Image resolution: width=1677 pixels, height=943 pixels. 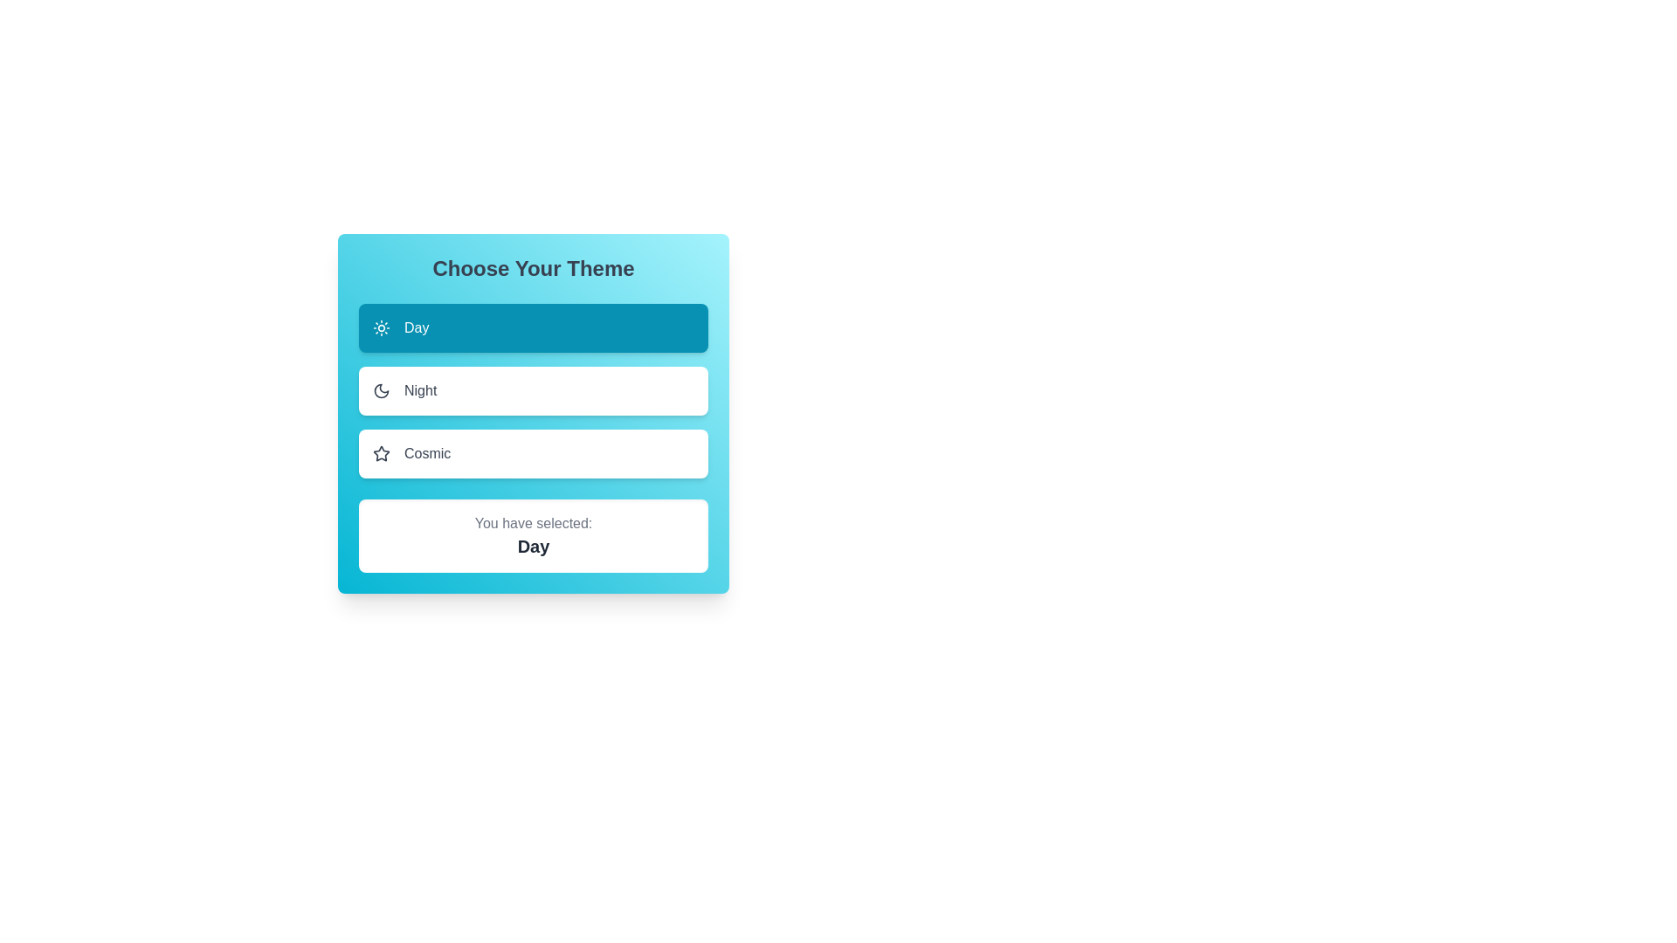 I want to click on the star icon with a hollow center and dark border, so click(x=380, y=452).